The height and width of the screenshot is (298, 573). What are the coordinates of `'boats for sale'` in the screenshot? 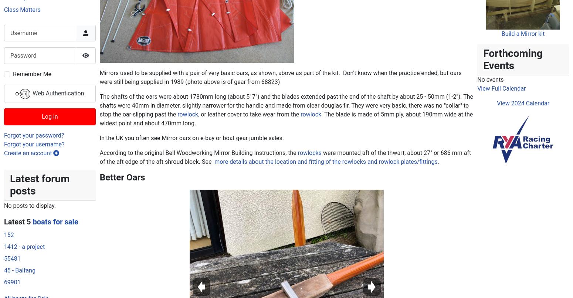 It's located at (55, 78).